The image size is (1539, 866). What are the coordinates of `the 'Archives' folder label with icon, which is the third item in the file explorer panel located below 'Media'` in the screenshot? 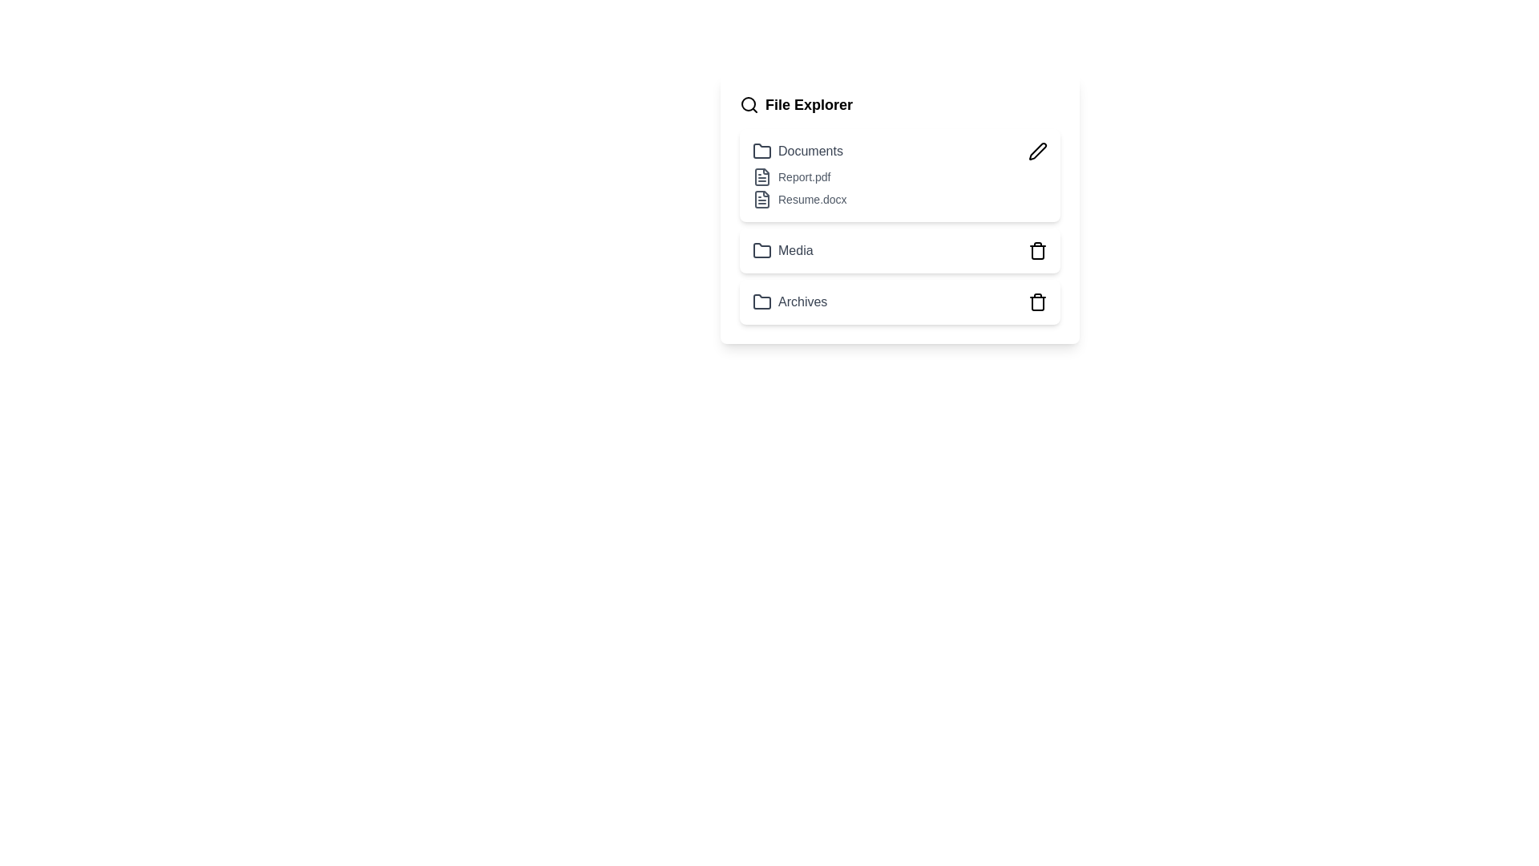 It's located at (790, 302).